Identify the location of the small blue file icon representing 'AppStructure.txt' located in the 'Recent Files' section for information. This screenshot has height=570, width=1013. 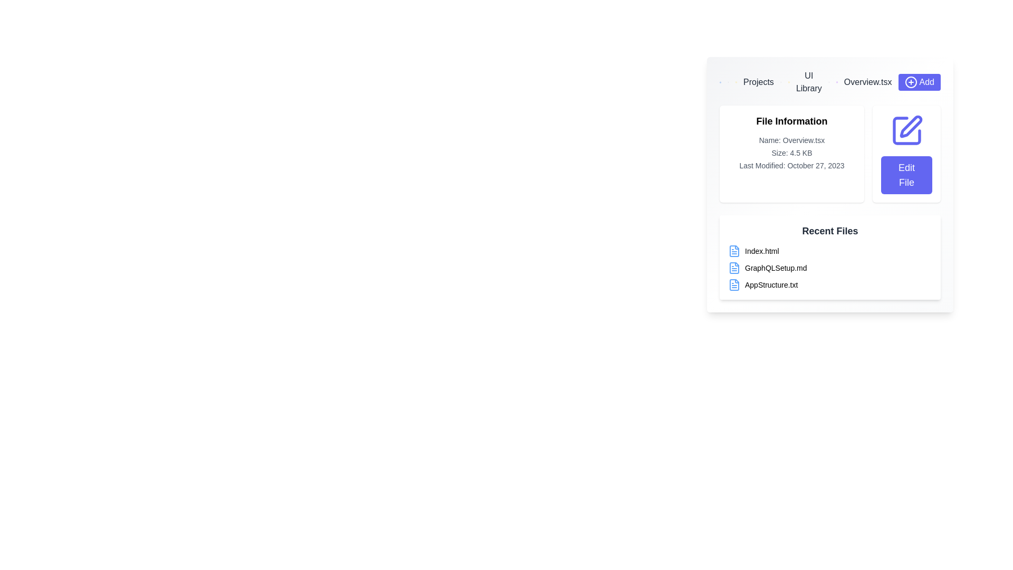
(734, 285).